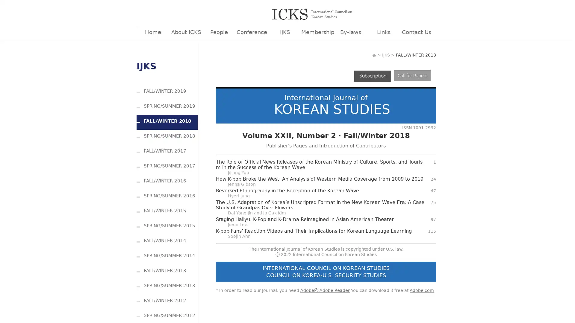 The width and height of the screenshot is (575, 323). Describe the element at coordinates (412, 75) in the screenshot. I see `Call for Papers` at that location.